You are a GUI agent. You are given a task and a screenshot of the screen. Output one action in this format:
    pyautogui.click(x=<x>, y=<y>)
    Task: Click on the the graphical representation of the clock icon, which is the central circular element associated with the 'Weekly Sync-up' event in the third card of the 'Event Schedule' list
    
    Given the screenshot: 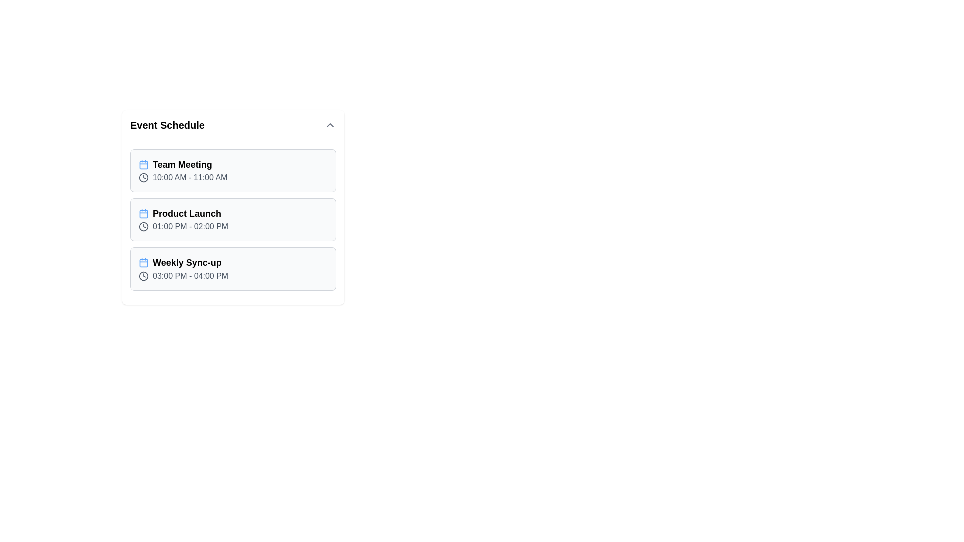 What is the action you would take?
    pyautogui.click(x=143, y=276)
    